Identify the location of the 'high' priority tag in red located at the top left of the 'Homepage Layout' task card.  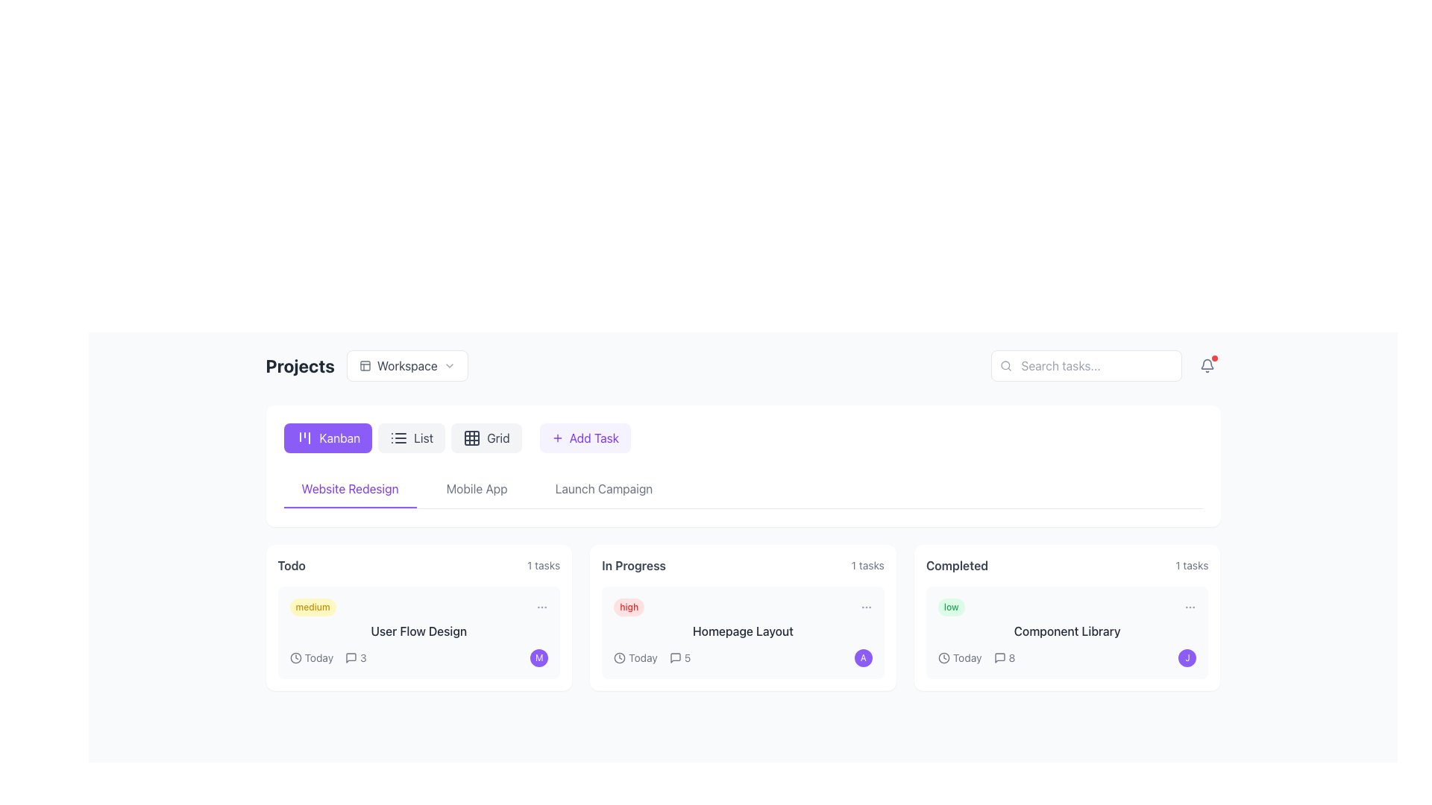
(743, 618).